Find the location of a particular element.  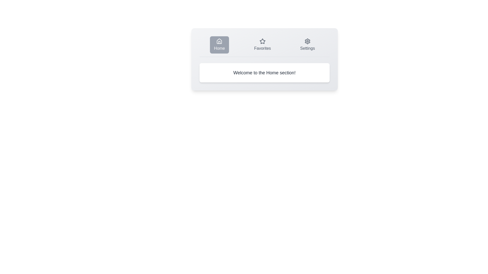

the tab labeled Home to view its content is located at coordinates (219, 45).